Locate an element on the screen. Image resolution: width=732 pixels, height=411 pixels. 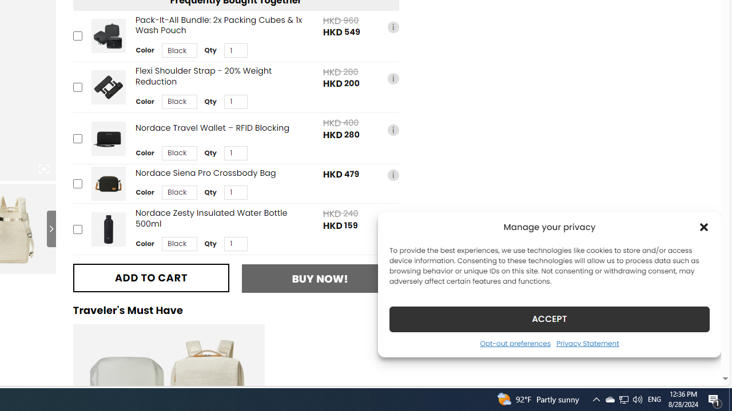
'Privacy Statement' is located at coordinates (587, 342).